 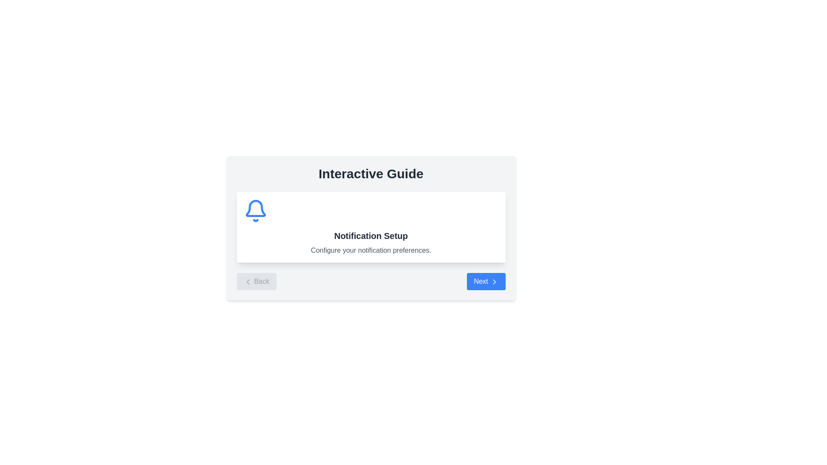 I want to click on the small right-chevron icon located at the right side of the blue 'Next' button in the bottom right corner of the modal interface, so click(x=494, y=282).